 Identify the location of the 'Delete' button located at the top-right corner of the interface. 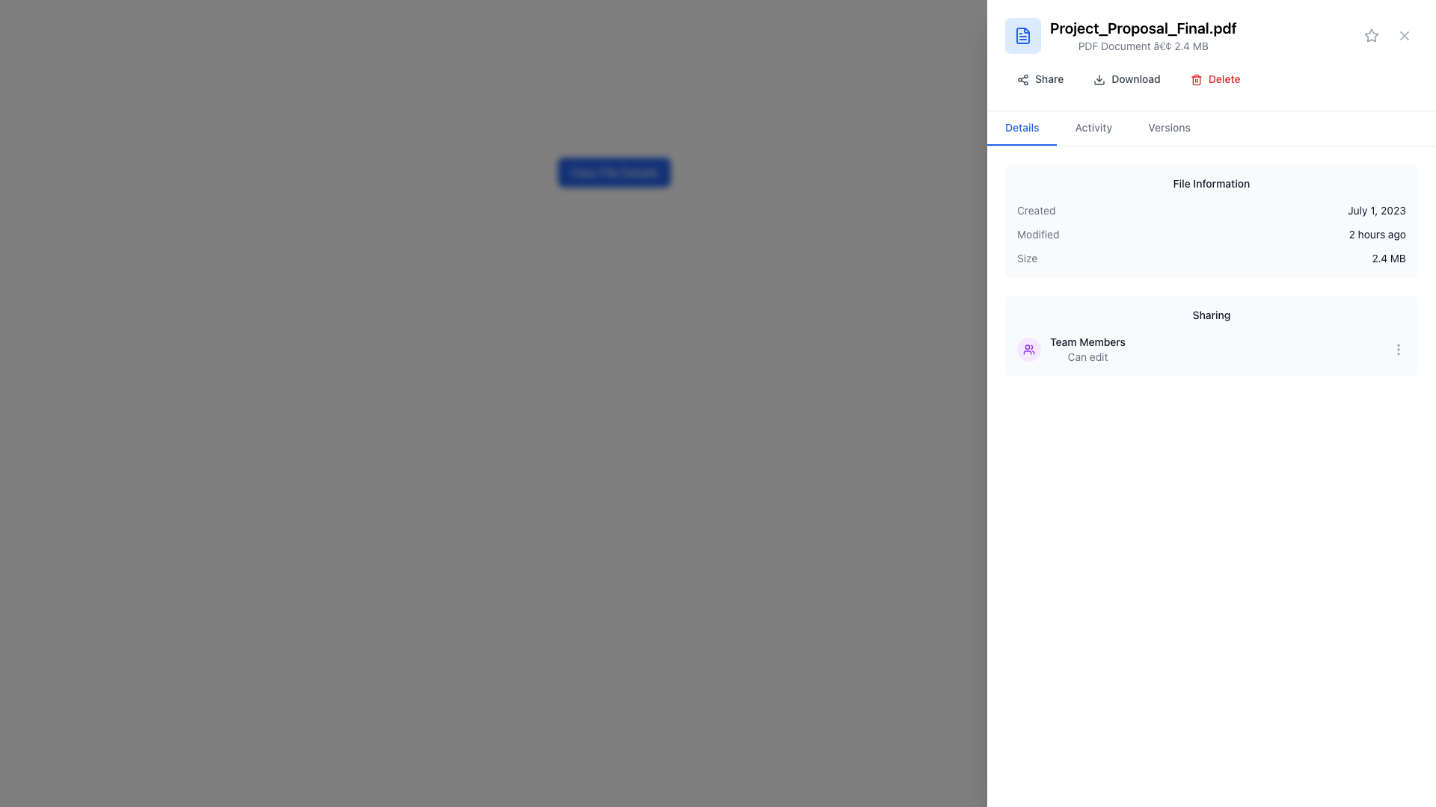
(1215, 78).